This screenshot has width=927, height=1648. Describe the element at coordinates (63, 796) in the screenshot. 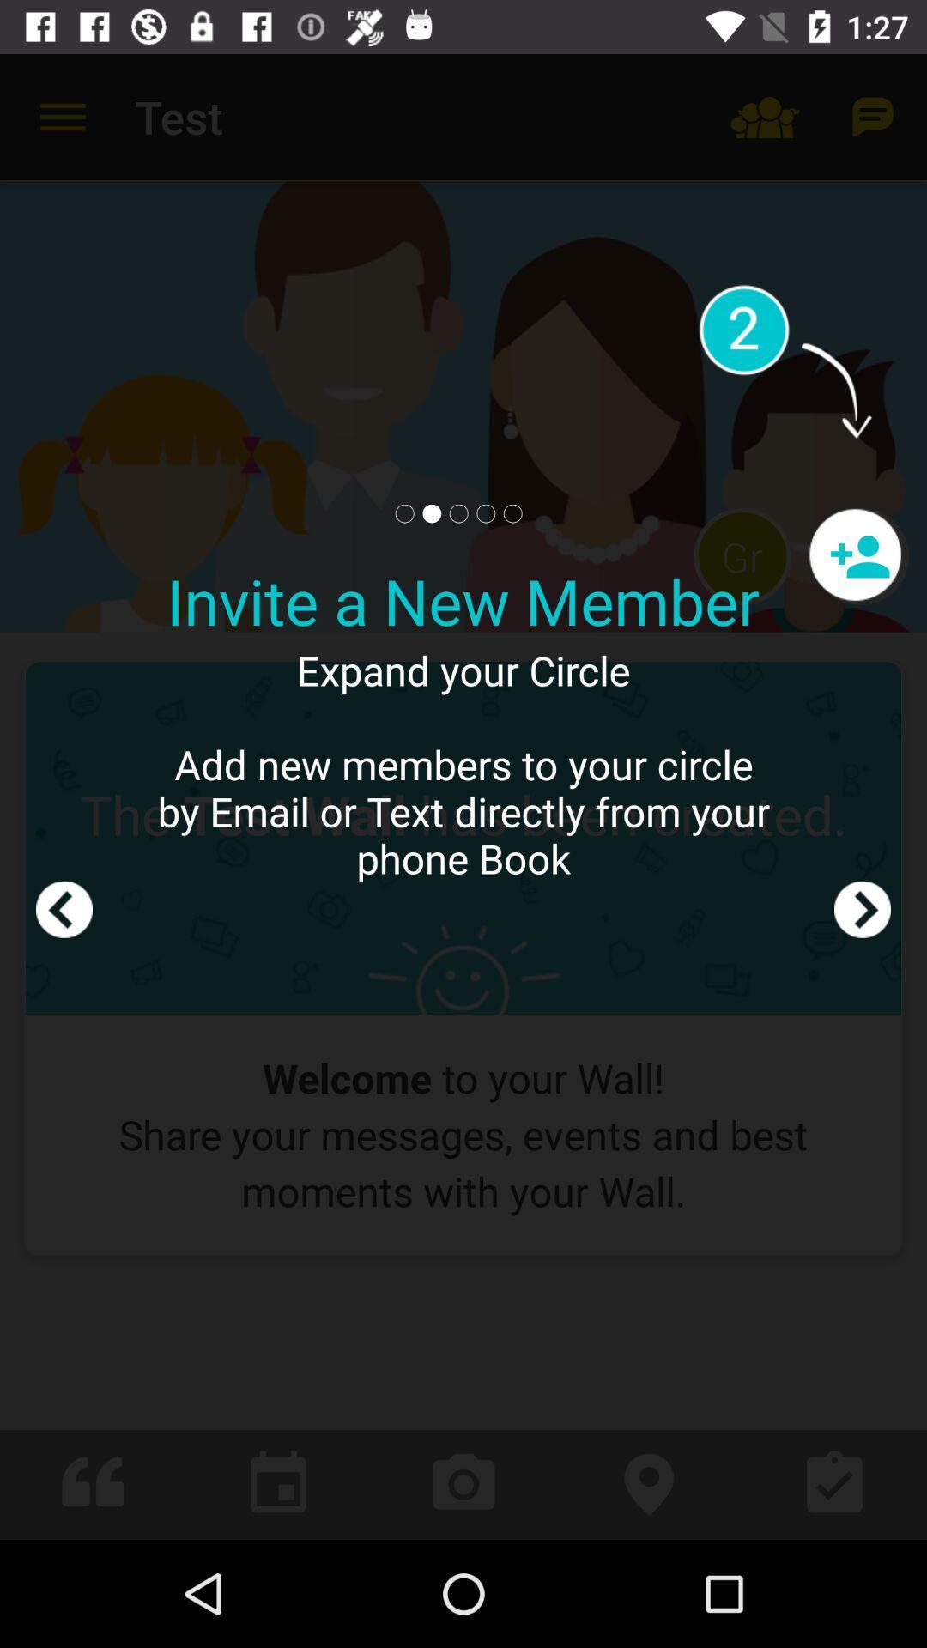

I see `the icon on the left` at that location.